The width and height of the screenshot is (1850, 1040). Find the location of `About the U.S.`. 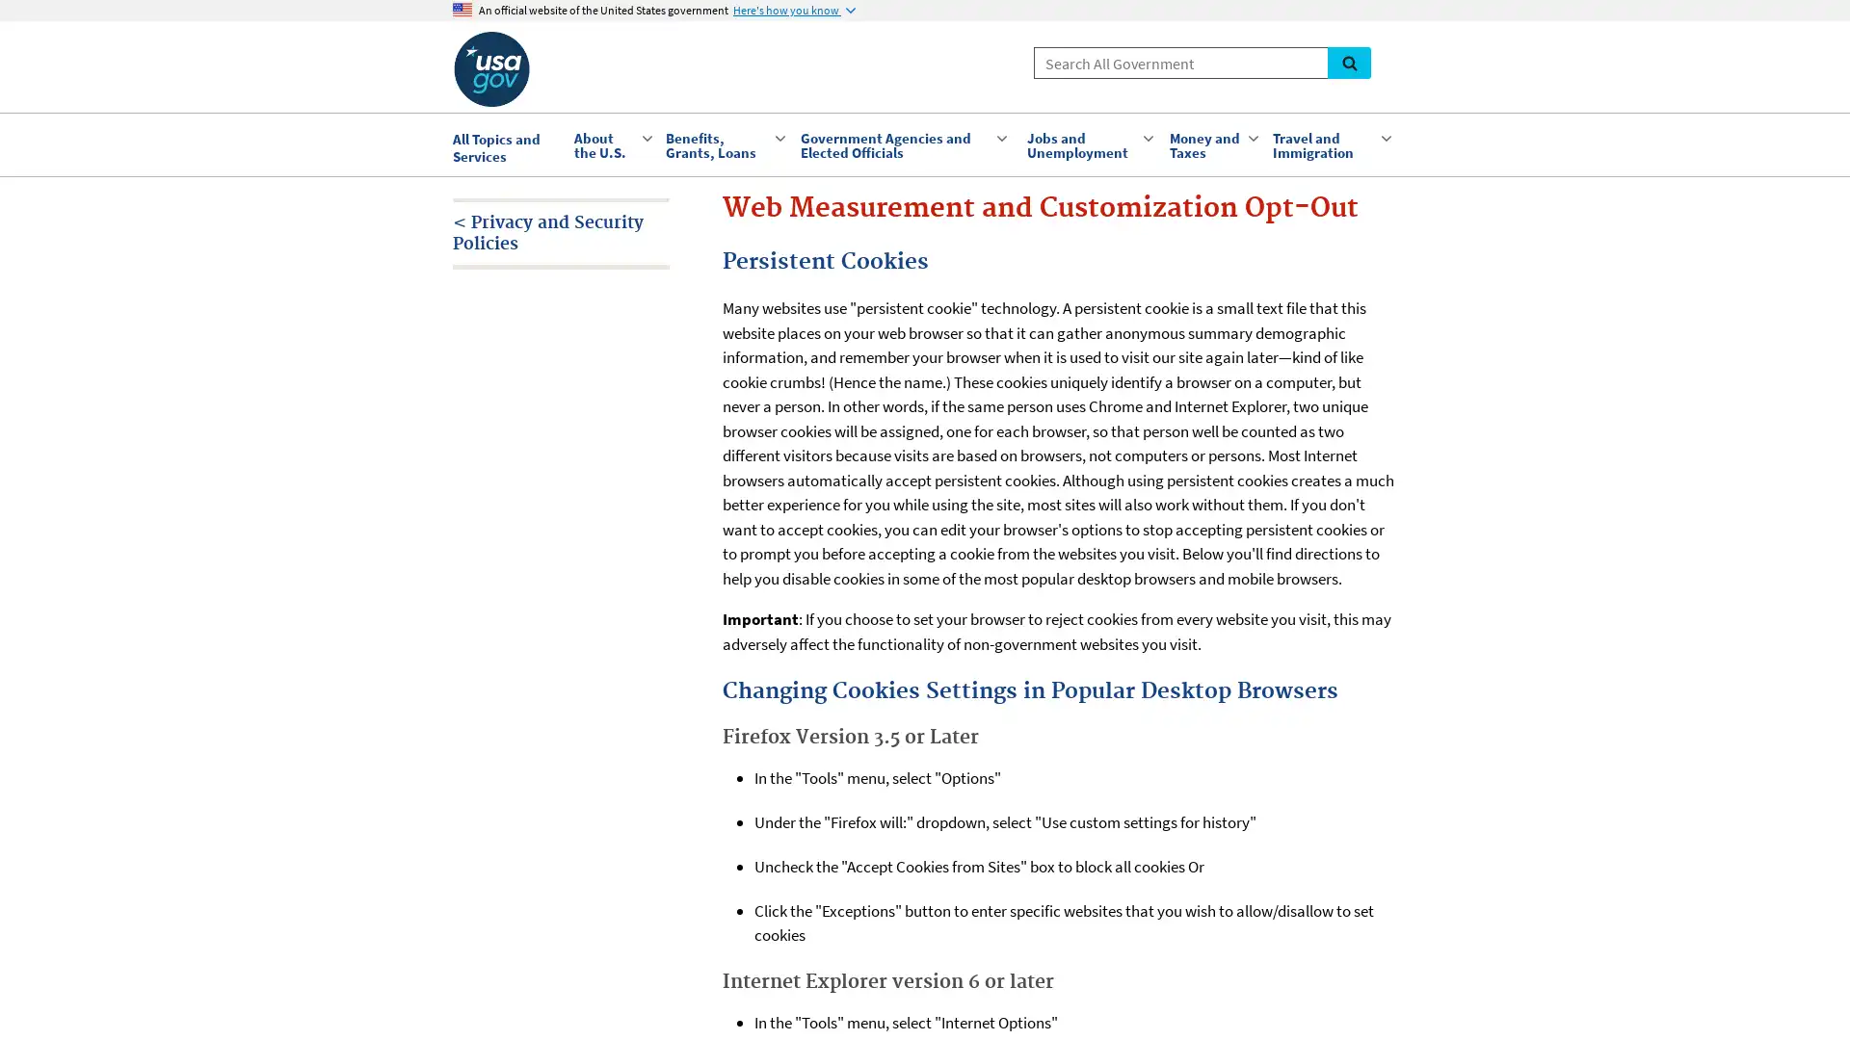

About the U.S. is located at coordinates (609, 143).